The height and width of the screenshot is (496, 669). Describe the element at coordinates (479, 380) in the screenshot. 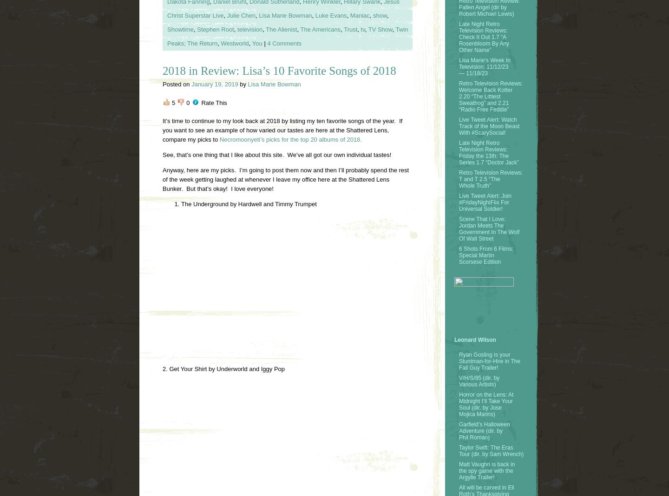

I see `'V/H/S/85 (dir. by Various Artists)'` at that location.